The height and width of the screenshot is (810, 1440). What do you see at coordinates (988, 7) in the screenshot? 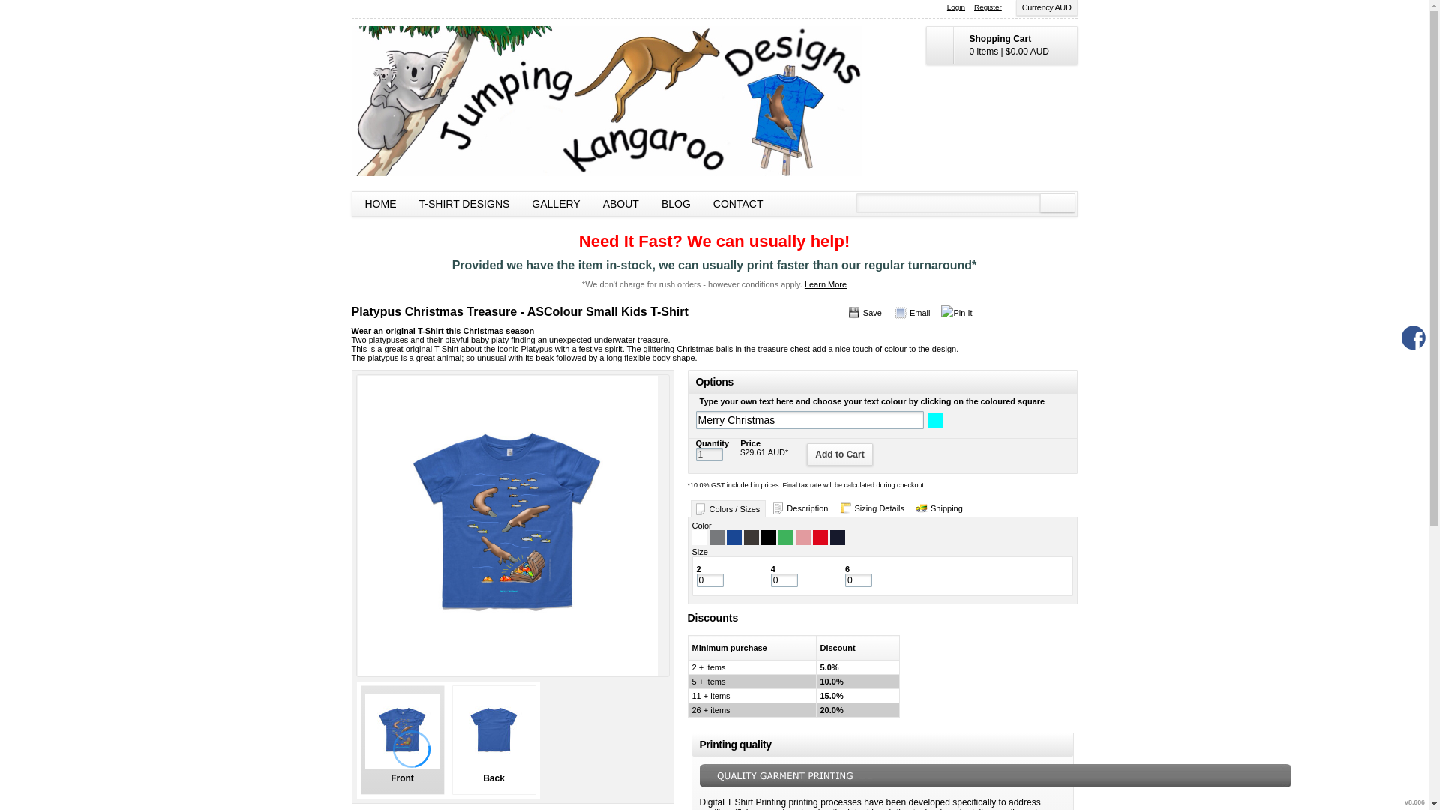
I see `'Register'` at bounding box center [988, 7].